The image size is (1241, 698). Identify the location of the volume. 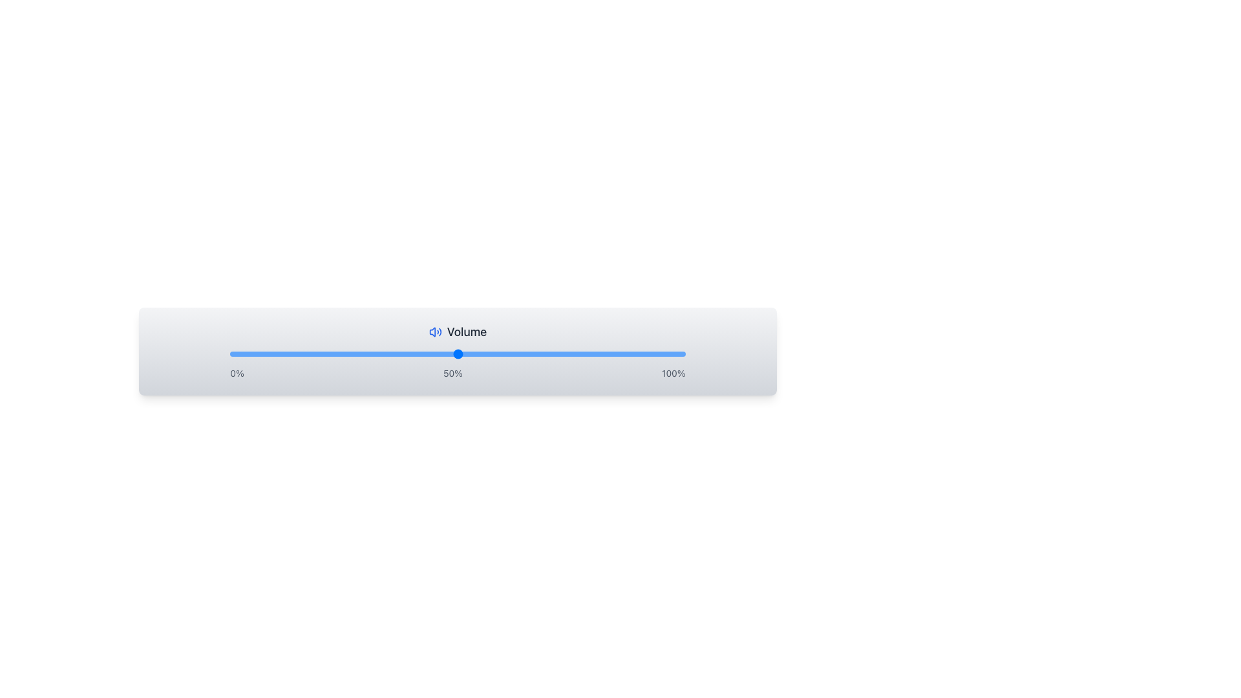
(353, 354).